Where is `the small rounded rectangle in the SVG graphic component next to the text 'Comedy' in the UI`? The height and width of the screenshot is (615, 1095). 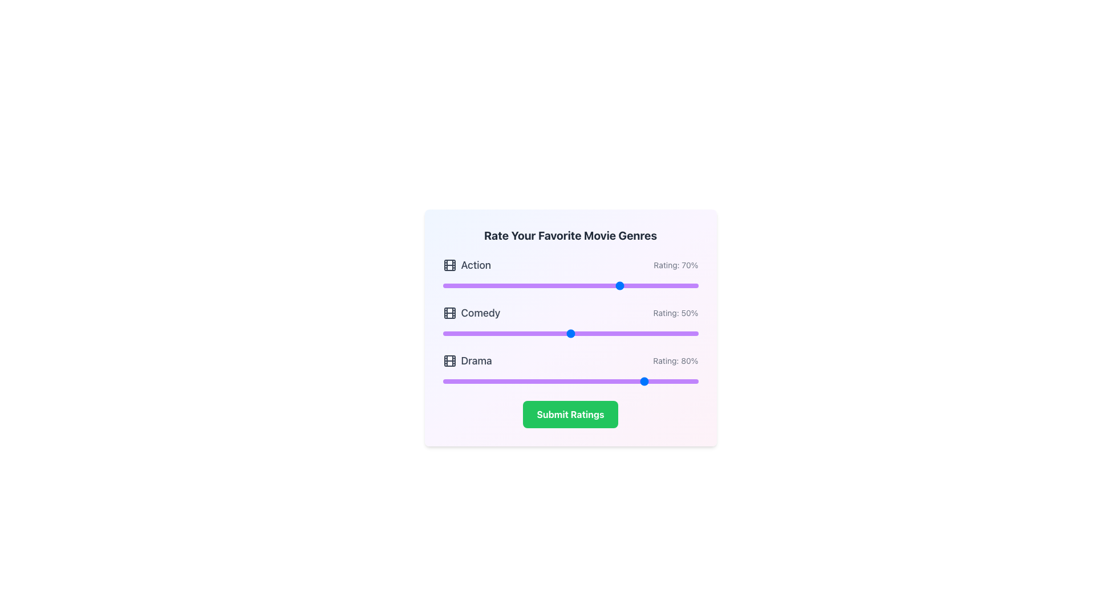 the small rounded rectangle in the SVG graphic component next to the text 'Comedy' in the UI is located at coordinates (449, 313).